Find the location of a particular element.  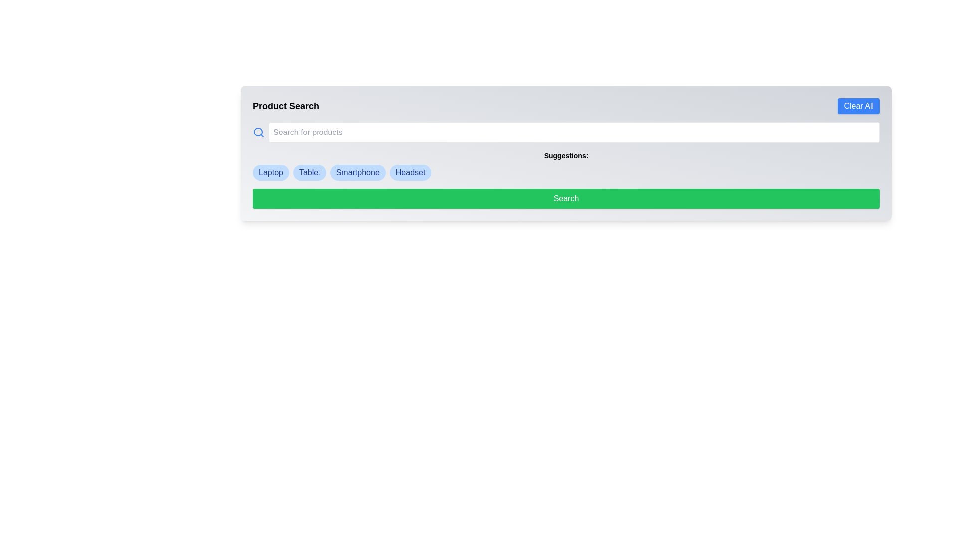

the bold, large-text title 'Product Search' displayed in black font, which is positioned at the top-left corner of a horizontal layout bar is located at coordinates (285, 106).